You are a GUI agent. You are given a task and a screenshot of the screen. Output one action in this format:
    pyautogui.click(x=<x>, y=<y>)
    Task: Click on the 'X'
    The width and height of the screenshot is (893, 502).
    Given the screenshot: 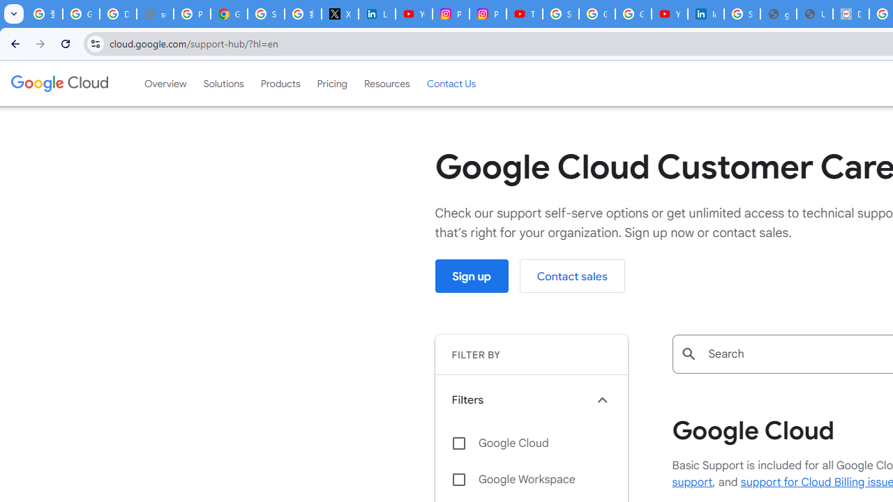 What is the action you would take?
    pyautogui.click(x=340, y=14)
    